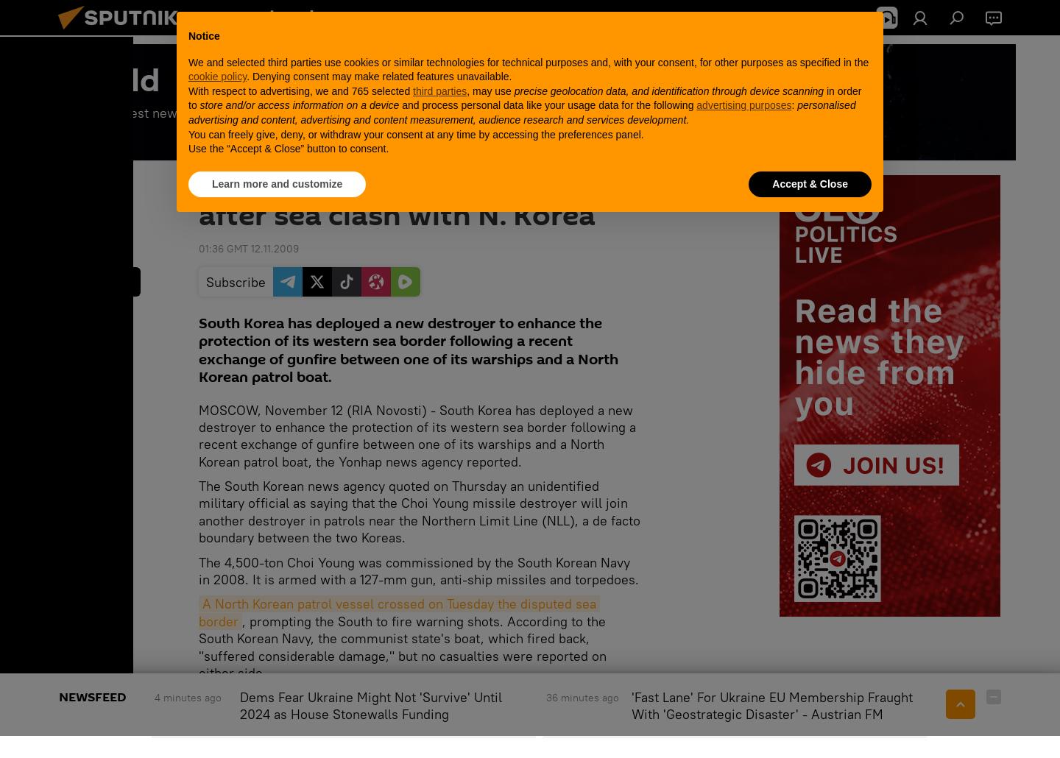 The width and height of the screenshot is (1060, 758). I want to click on 'advertising purposes', so click(743, 104).